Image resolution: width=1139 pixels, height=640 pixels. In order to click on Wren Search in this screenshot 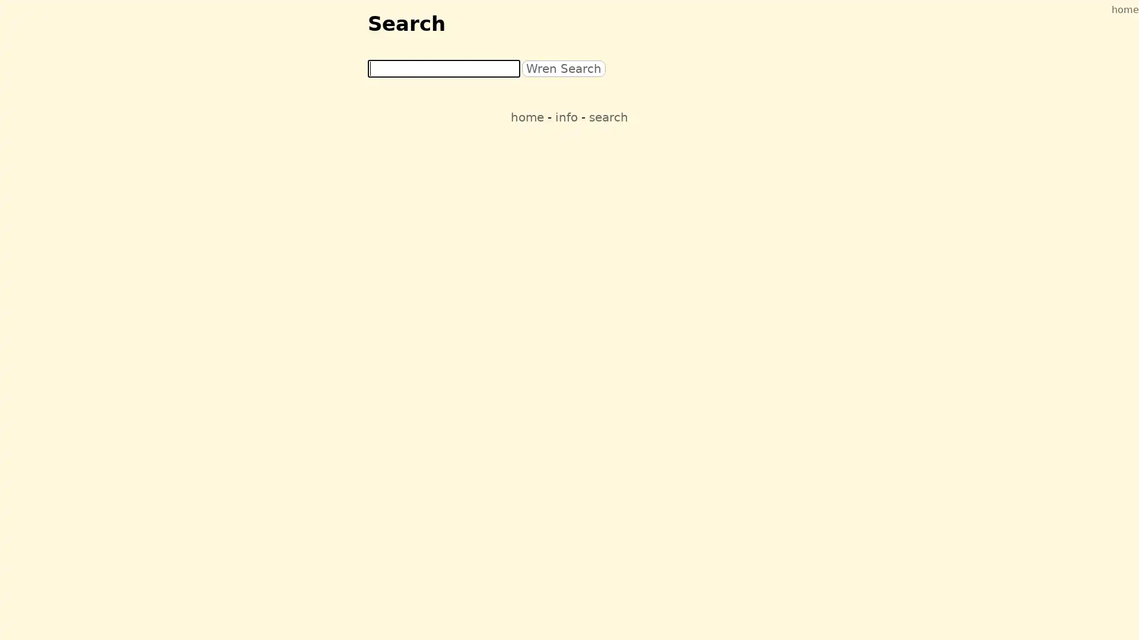, I will do `click(563, 68)`.